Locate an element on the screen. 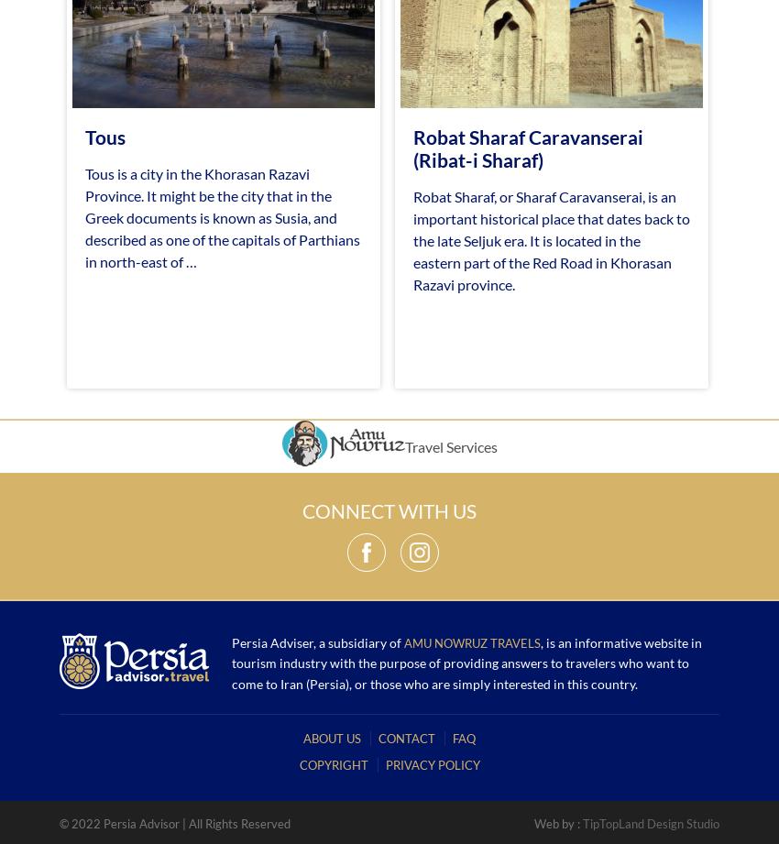 This screenshot has width=779, height=844. 'FAQ' is located at coordinates (464, 737).